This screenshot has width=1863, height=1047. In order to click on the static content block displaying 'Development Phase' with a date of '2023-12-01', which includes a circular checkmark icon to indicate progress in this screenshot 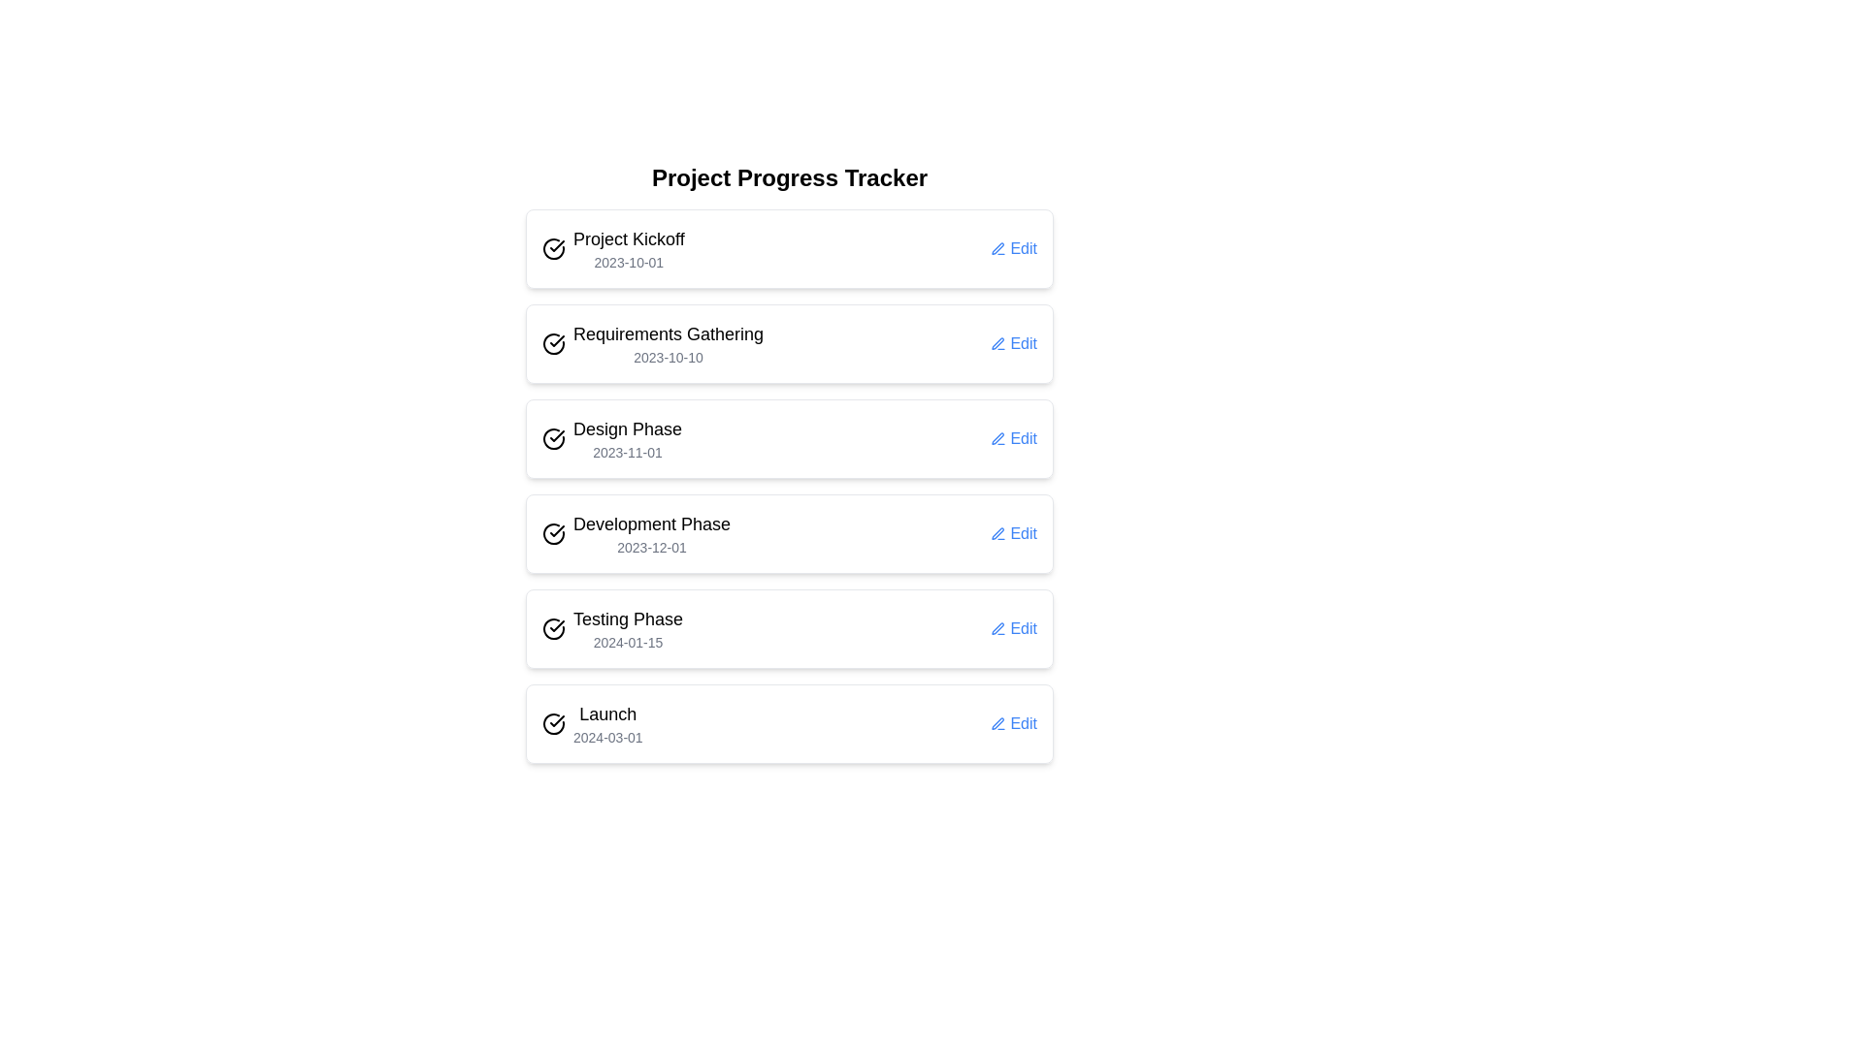, I will do `click(637, 534)`.